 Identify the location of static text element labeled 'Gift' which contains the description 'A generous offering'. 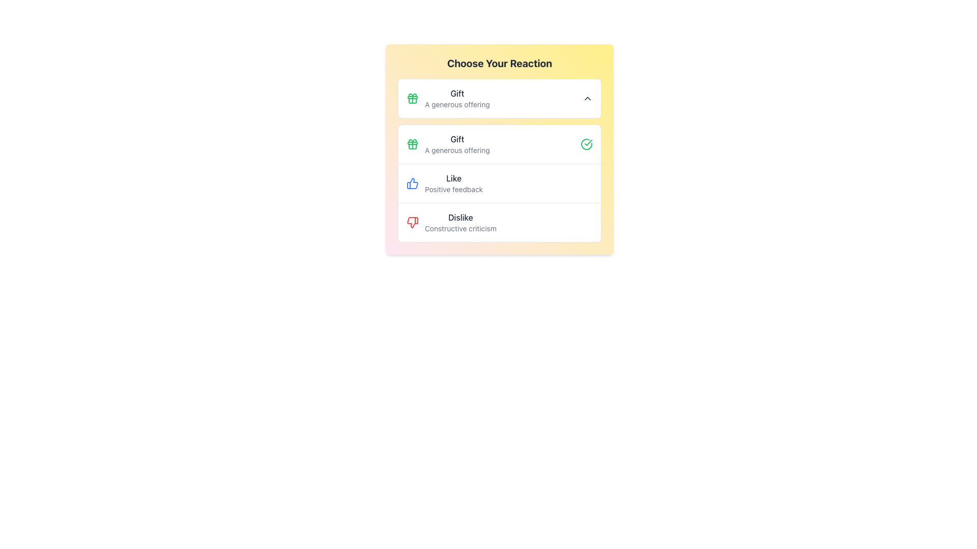
(456, 144).